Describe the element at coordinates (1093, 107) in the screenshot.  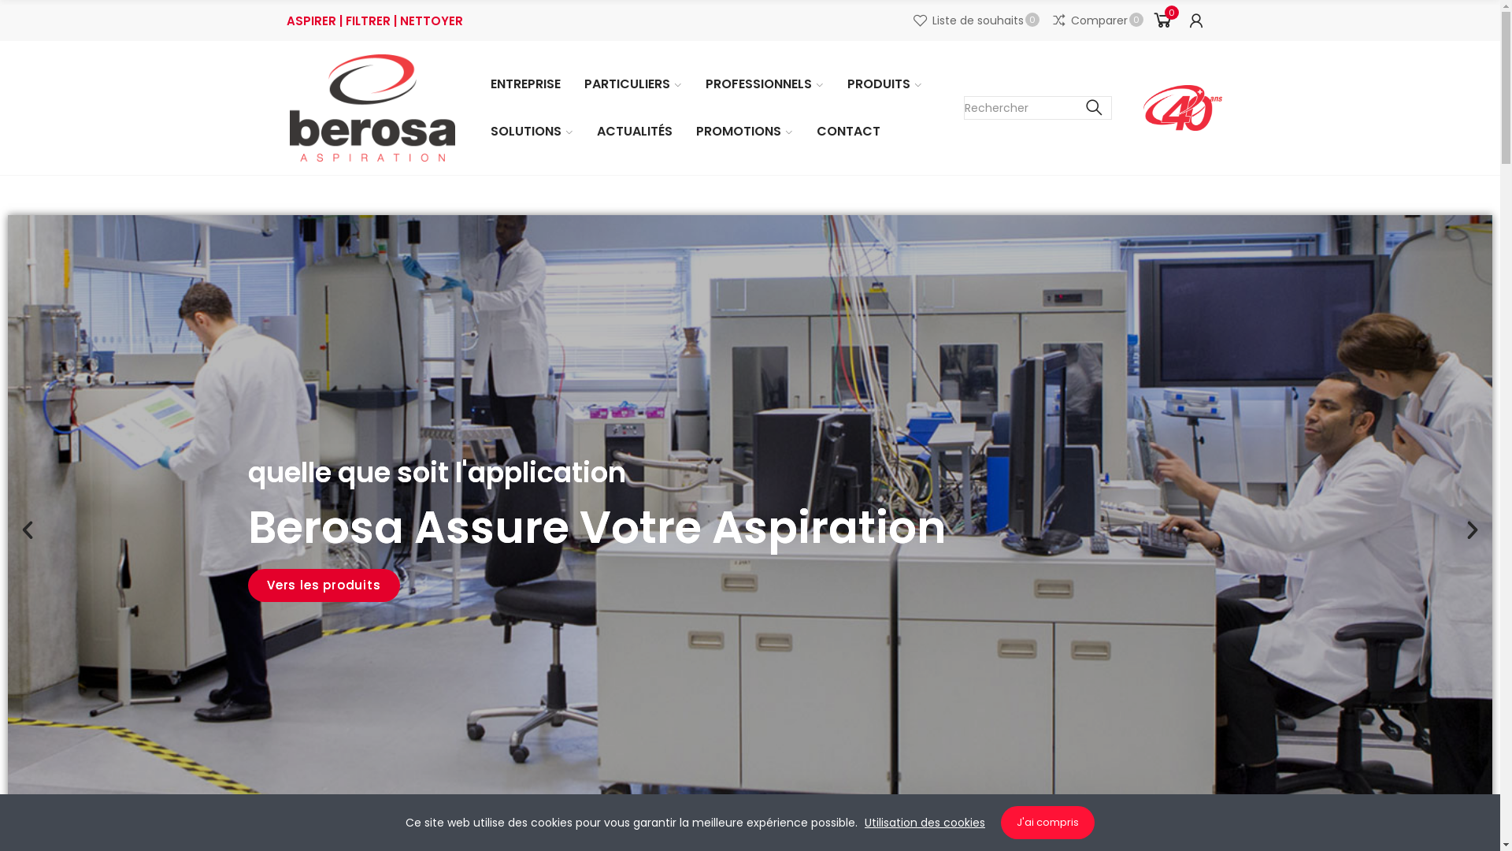
I see `'Chercher'` at that location.